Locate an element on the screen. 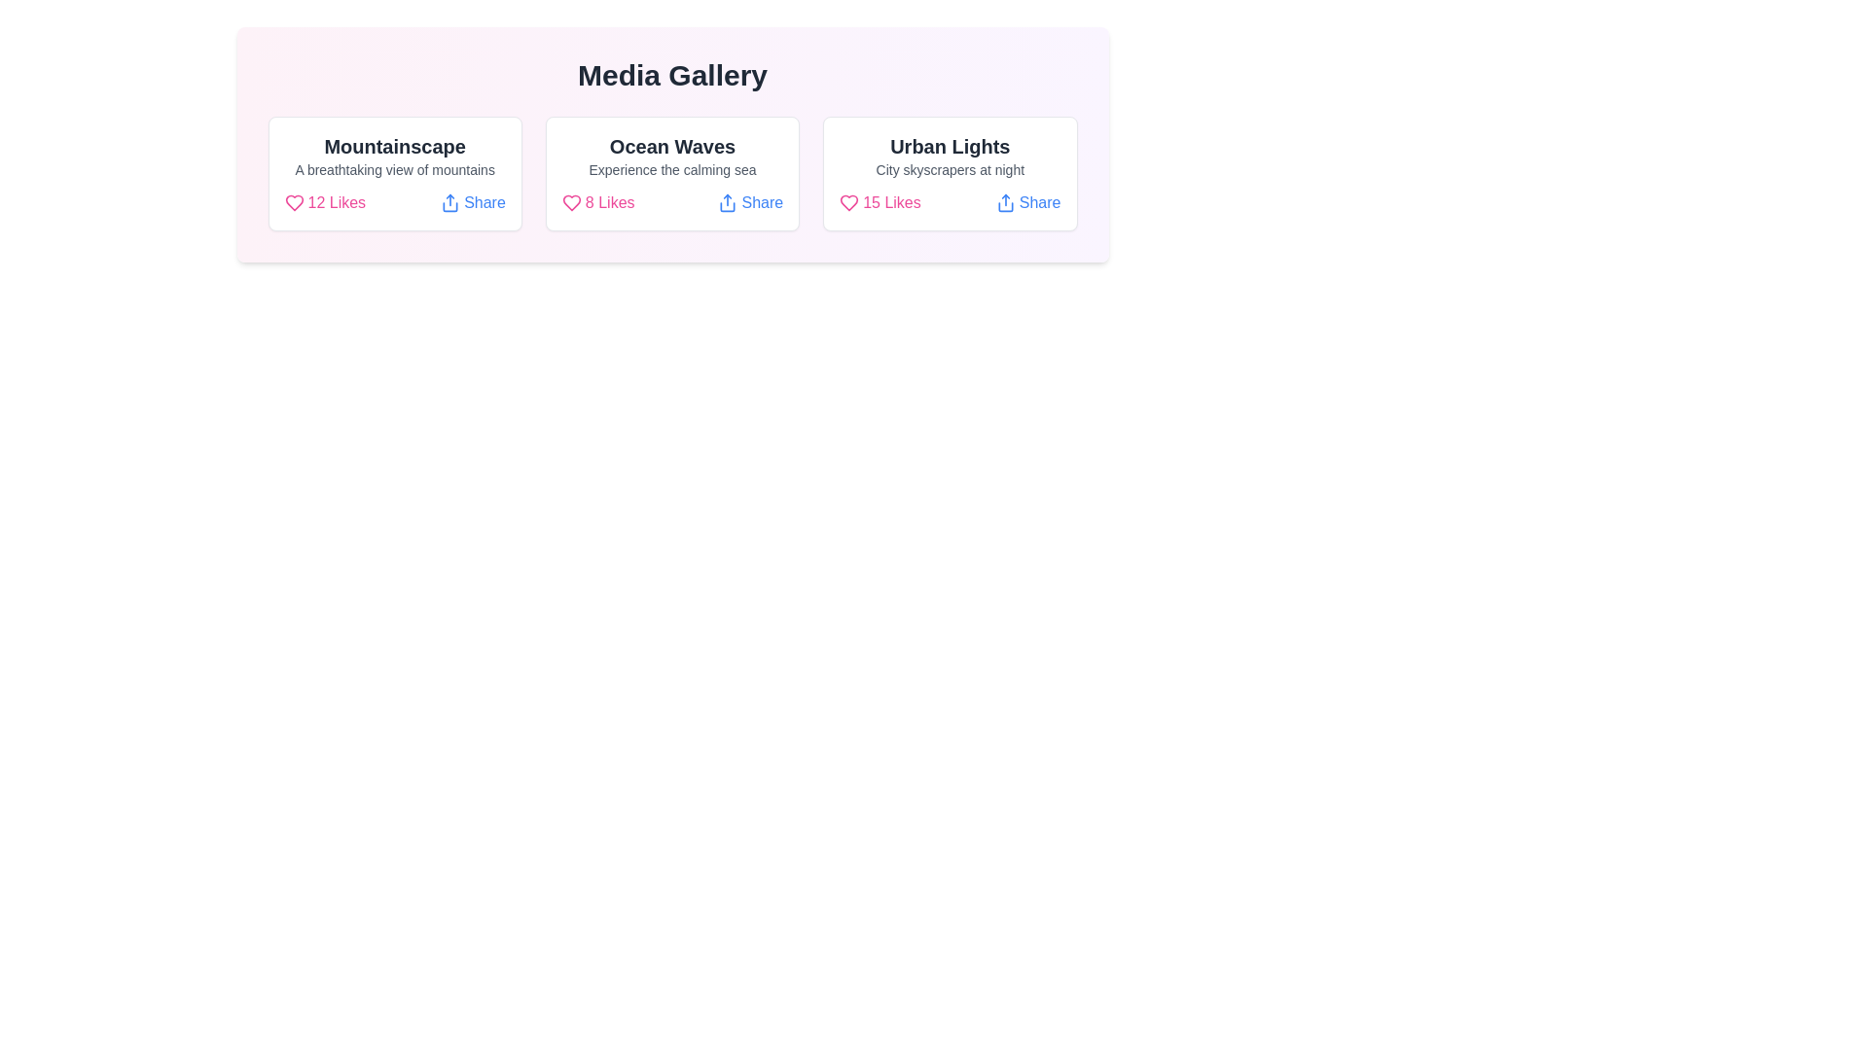  the 'Share' button for the item titled 'Urban Lights' is located at coordinates (1027, 202).